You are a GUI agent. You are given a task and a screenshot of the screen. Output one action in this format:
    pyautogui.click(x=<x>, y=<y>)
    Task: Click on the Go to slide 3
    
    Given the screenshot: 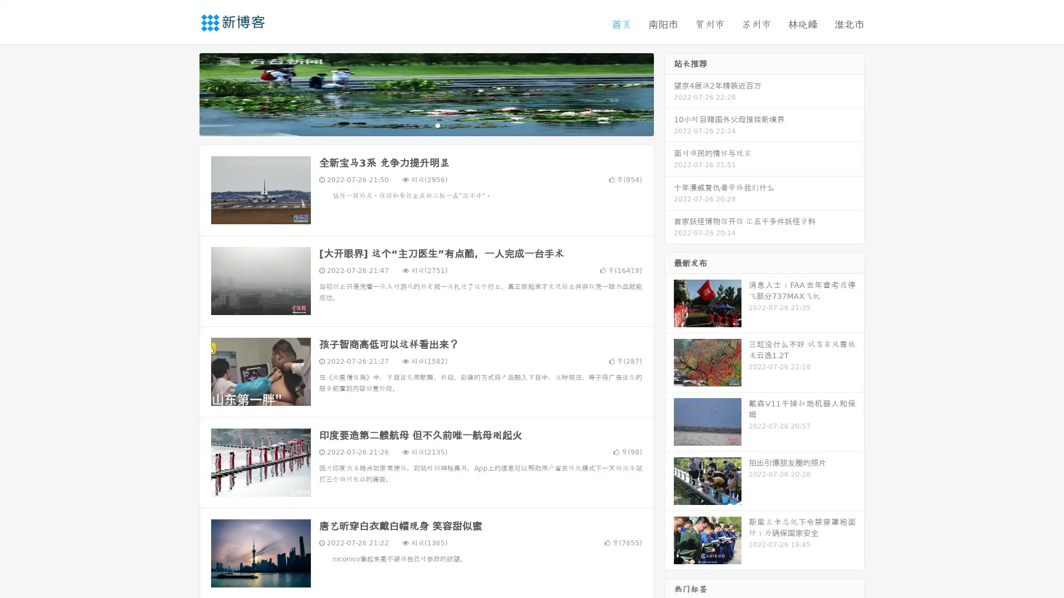 What is the action you would take?
    pyautogui.click(x=437, y=125)
    